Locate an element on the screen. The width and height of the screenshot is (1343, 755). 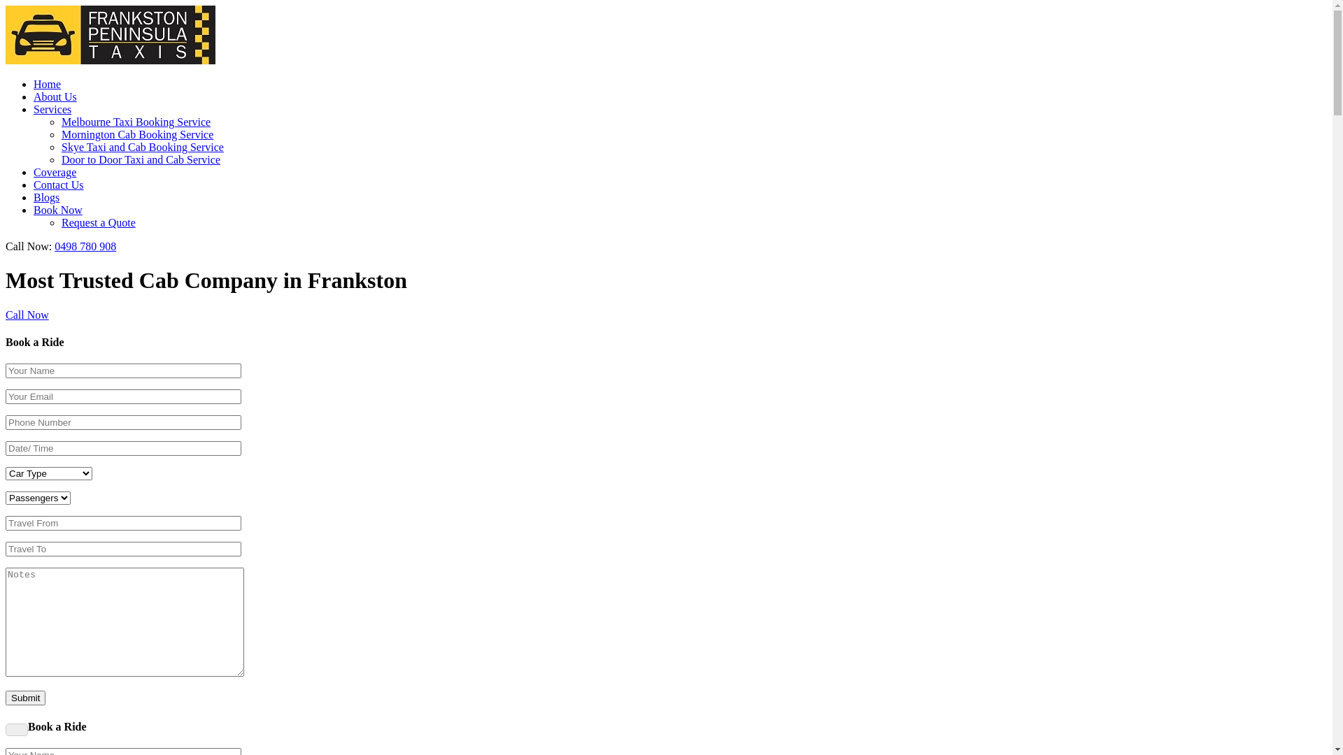
'Home' is located at coordinates (47, 84).